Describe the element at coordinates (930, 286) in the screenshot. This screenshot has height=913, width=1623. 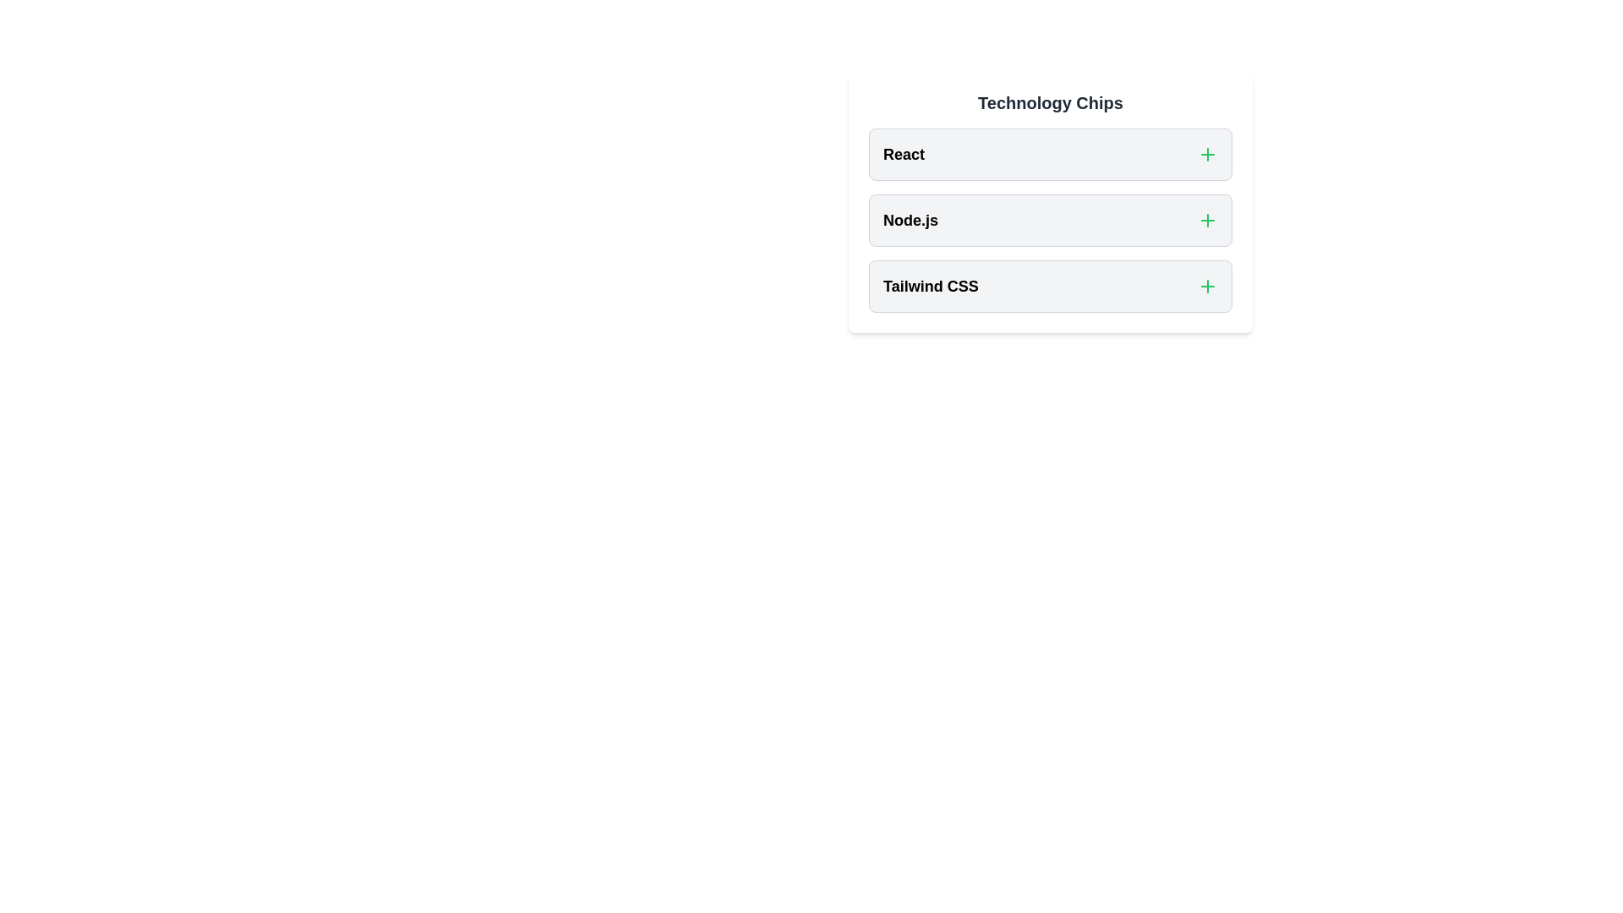
I see `the title of the chip named Tailwind CSS to focus on it` at that location.